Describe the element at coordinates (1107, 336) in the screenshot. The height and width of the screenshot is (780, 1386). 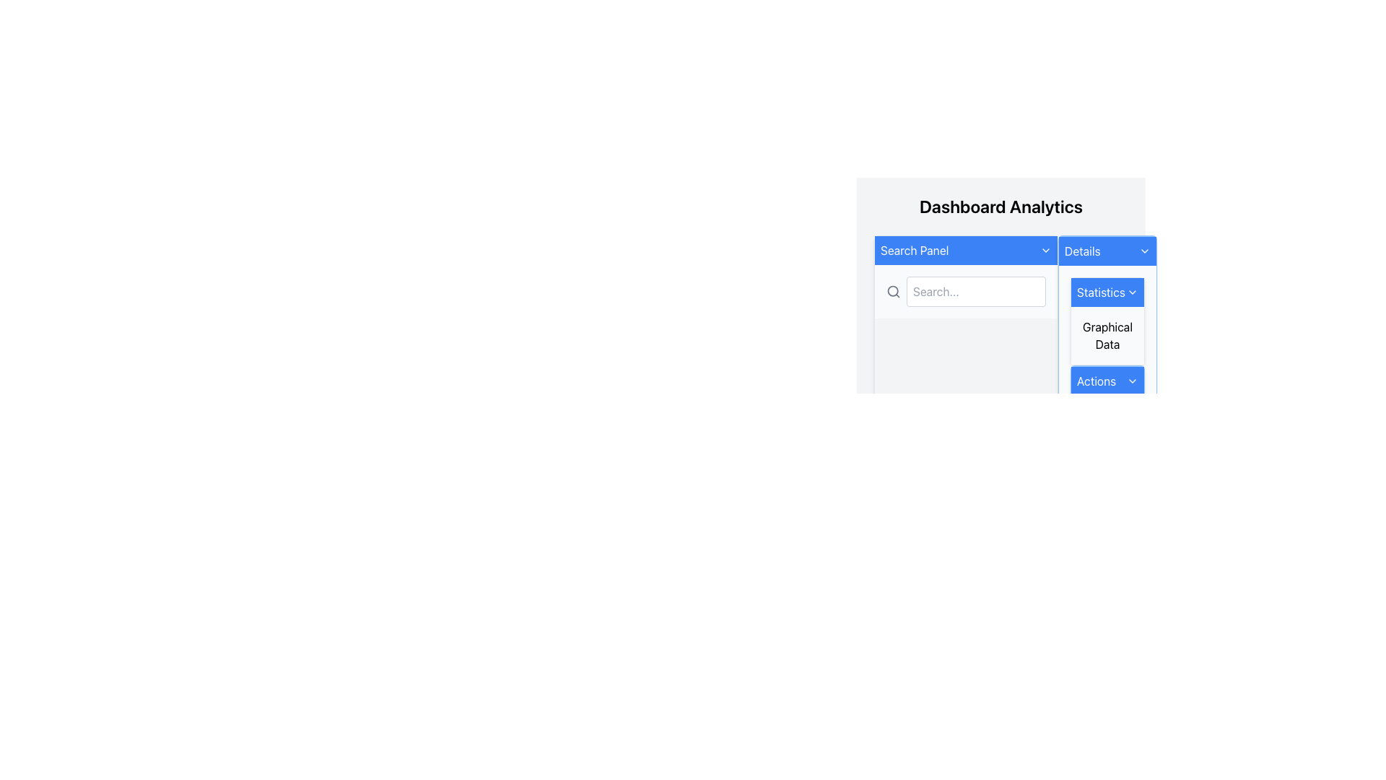
I see `the 'Graphical Data' label, which is a rectangular box with a light grey background containing centrally displayed bold black text, located in the 'Details' column of the dashboard below the 'Statistics' button` at that location.